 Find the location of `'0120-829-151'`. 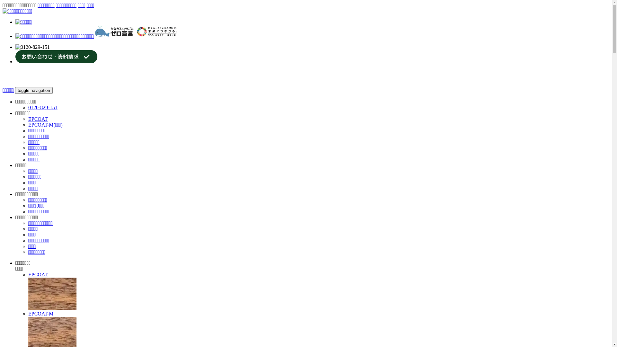

'0120-829-151' is located at coordinates (42, 107).